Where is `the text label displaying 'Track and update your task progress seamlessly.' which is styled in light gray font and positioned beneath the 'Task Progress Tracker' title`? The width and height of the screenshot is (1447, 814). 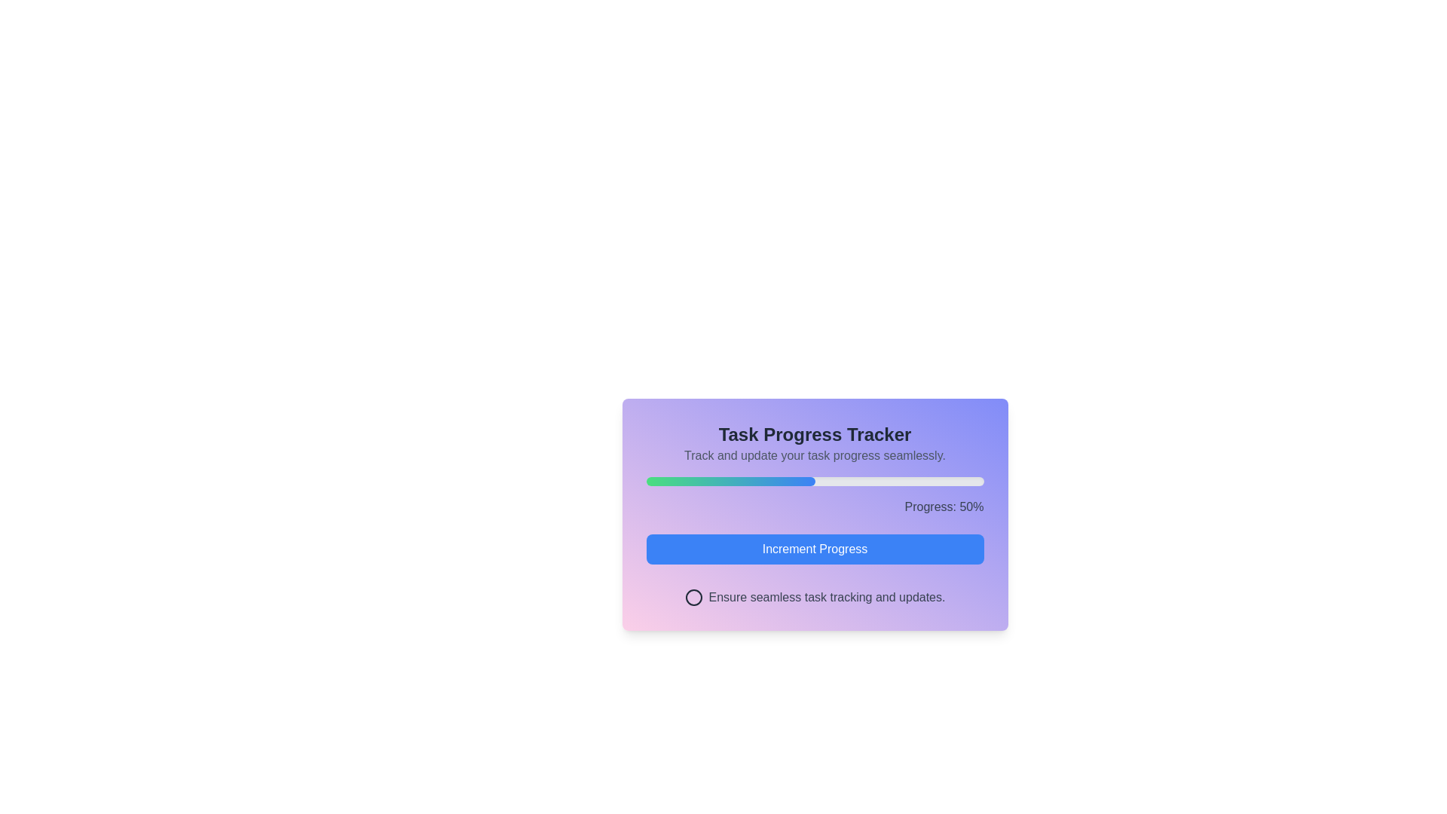 the text label displaying 'Track and update your task progress seamlessly.' which is styled in light gray font and positioned beneath the 'Task Progress Tracker' title is located at coordinates (814, 455).